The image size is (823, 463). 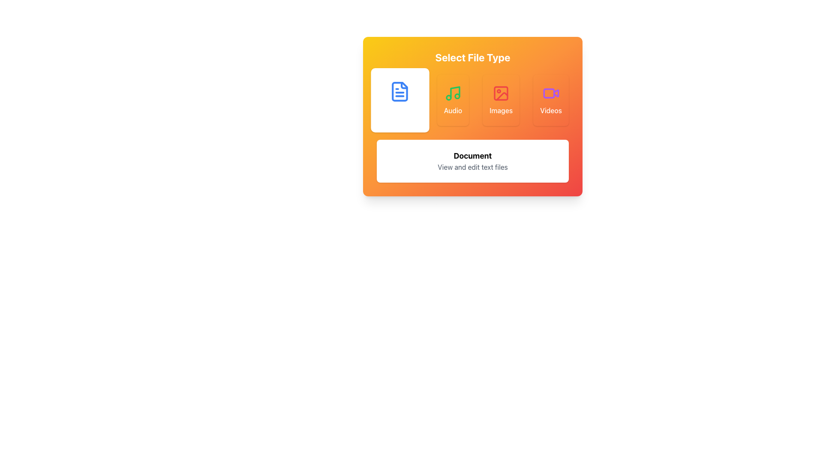 I want to click on the small graphical component symbolizing the folded top-right corner of a document, which is styled with blue and white within the document icon at the top-left of the interface, so click(x=404, y=85).